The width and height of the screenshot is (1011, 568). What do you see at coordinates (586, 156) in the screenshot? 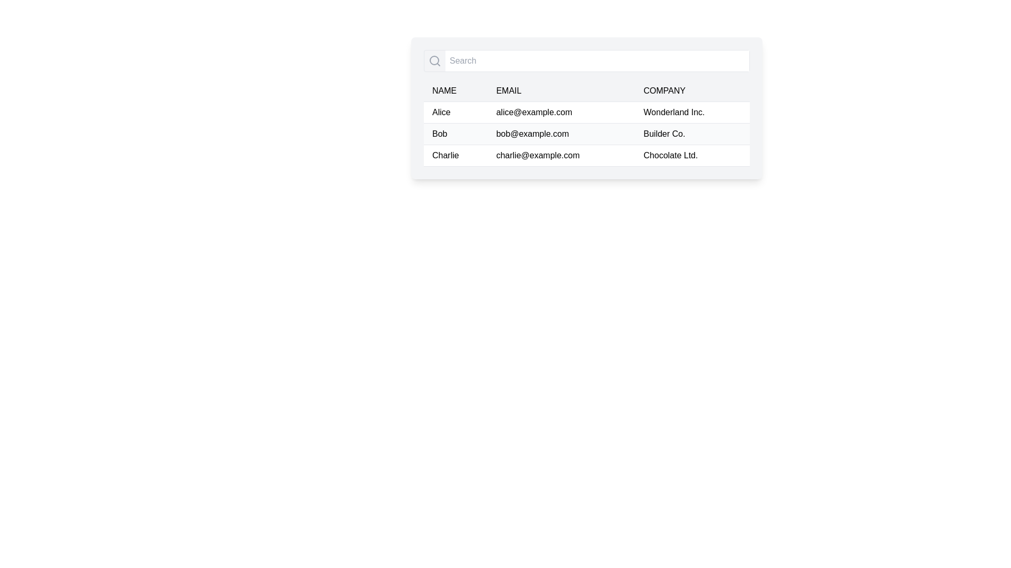
I see `on the third row of the table that contains the name 'Charlie', email 'charlie@example.com', and company 'Chocolate Ltd.'` at bounding box center [586, 156].